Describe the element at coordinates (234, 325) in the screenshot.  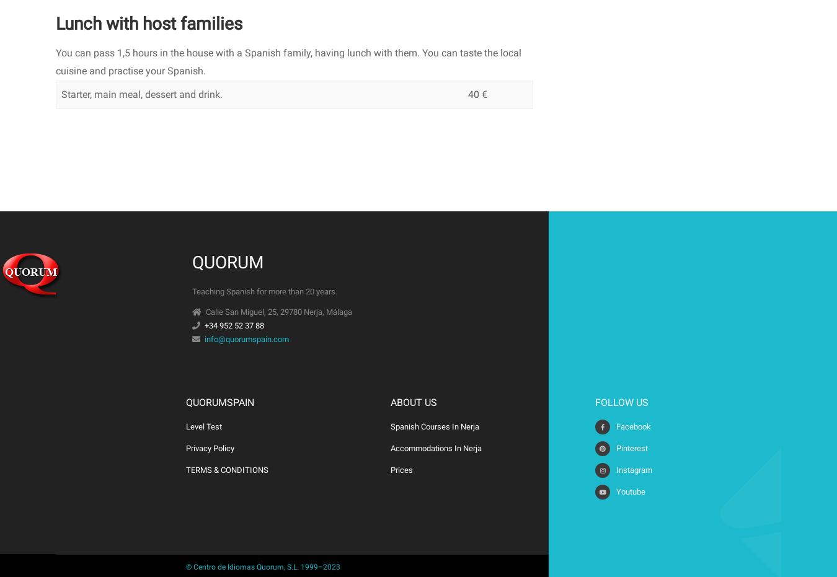
I see `'+34 952 52 37 88'` at that location.